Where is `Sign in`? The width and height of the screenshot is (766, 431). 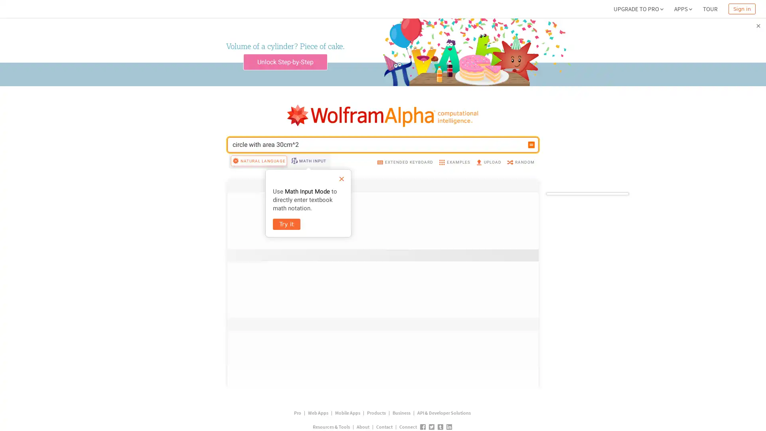
Sign in is located at coordinates (742, 9).